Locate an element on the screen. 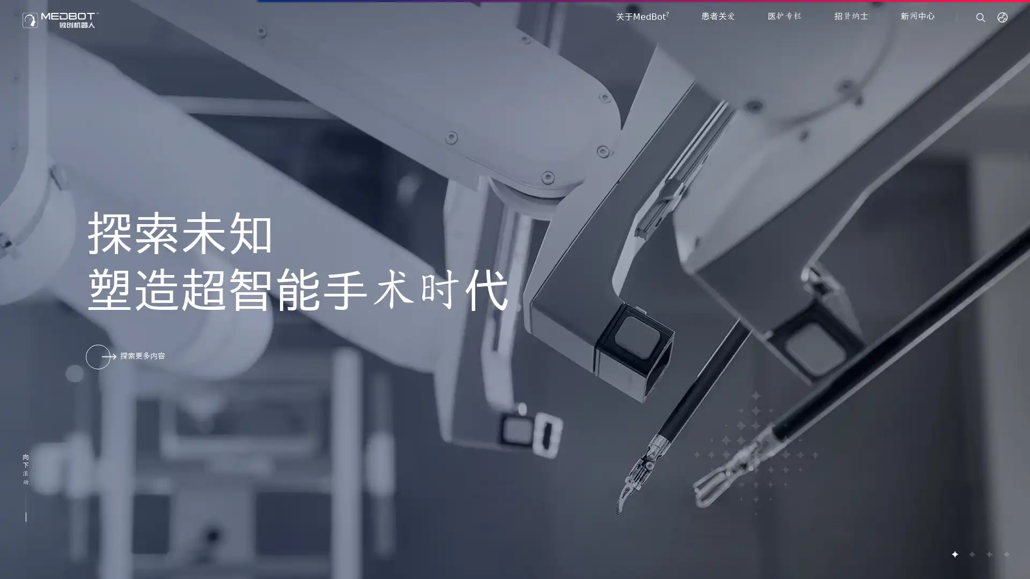  Go to slide 1 is located at coordinates (954, 554).